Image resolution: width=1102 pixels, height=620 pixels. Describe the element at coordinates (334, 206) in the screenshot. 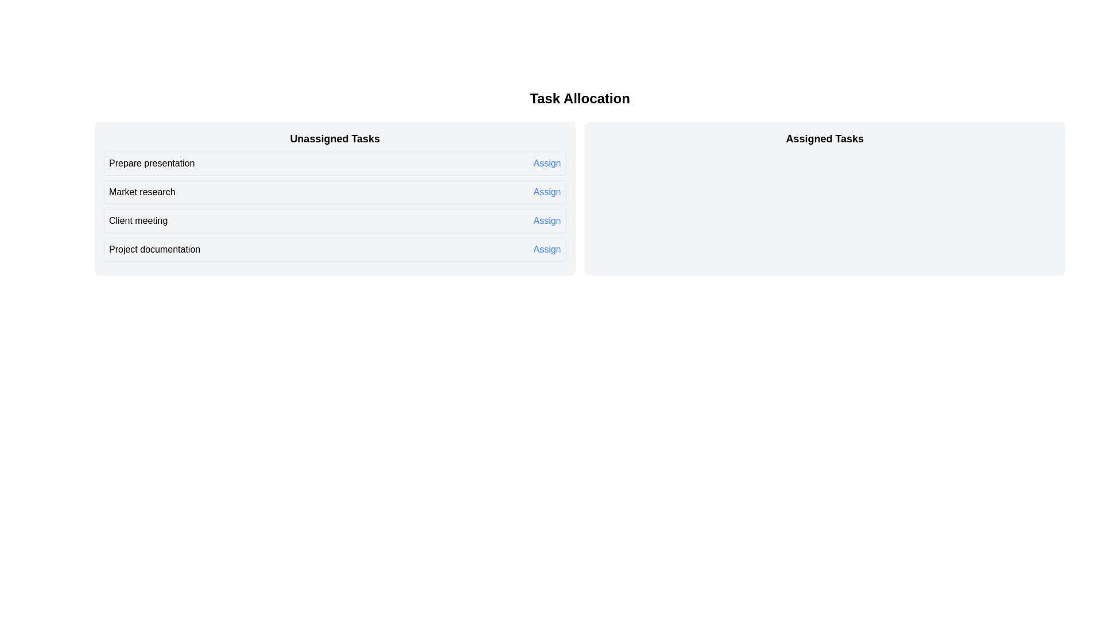

I see `the 'Assign' link in the second row of the 'Unassigned Tasks' section to reassign the 'Market research' task` at that location.